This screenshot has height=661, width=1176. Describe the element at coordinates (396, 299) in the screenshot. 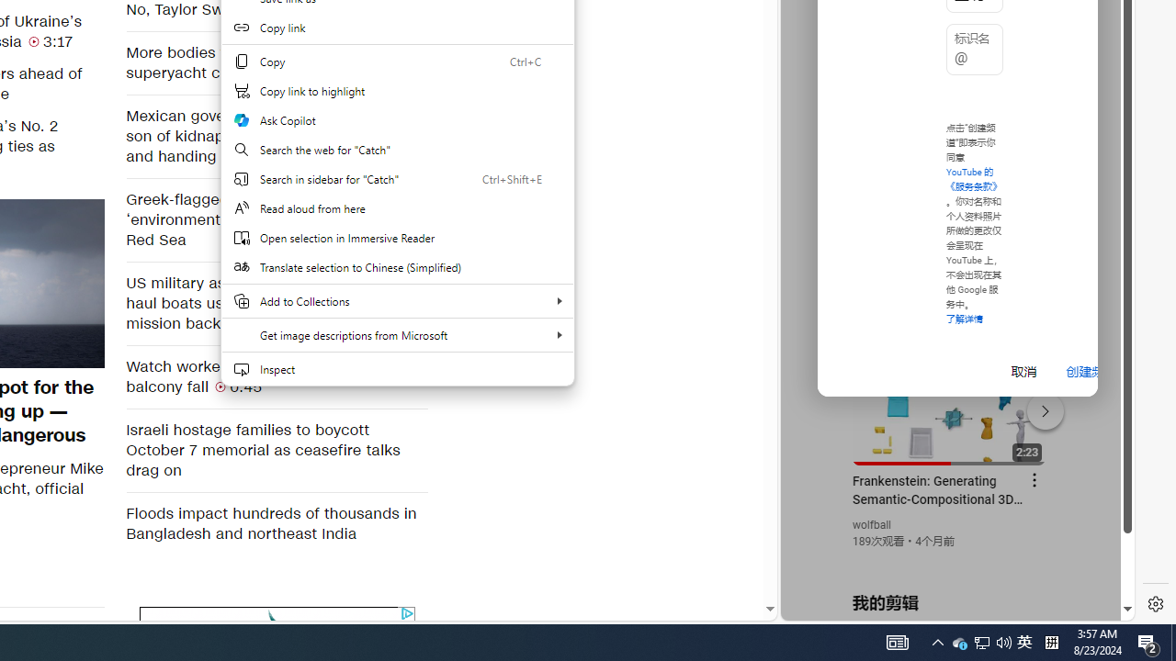

I see `'Add to Collections'` at that location.